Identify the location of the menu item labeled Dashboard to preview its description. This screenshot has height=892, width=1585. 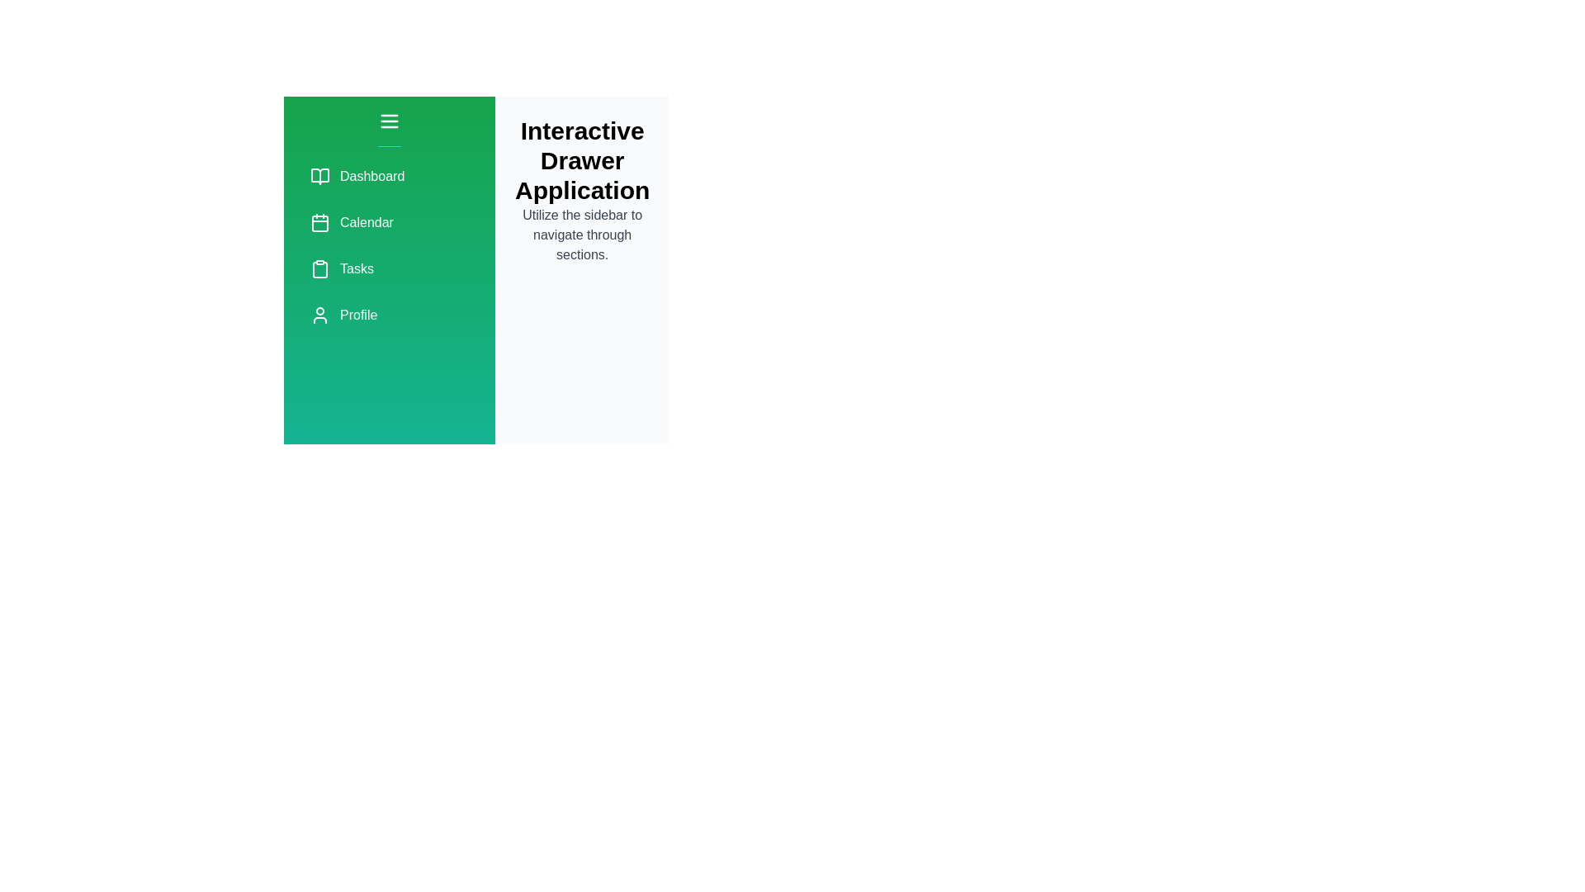
(388, 176).